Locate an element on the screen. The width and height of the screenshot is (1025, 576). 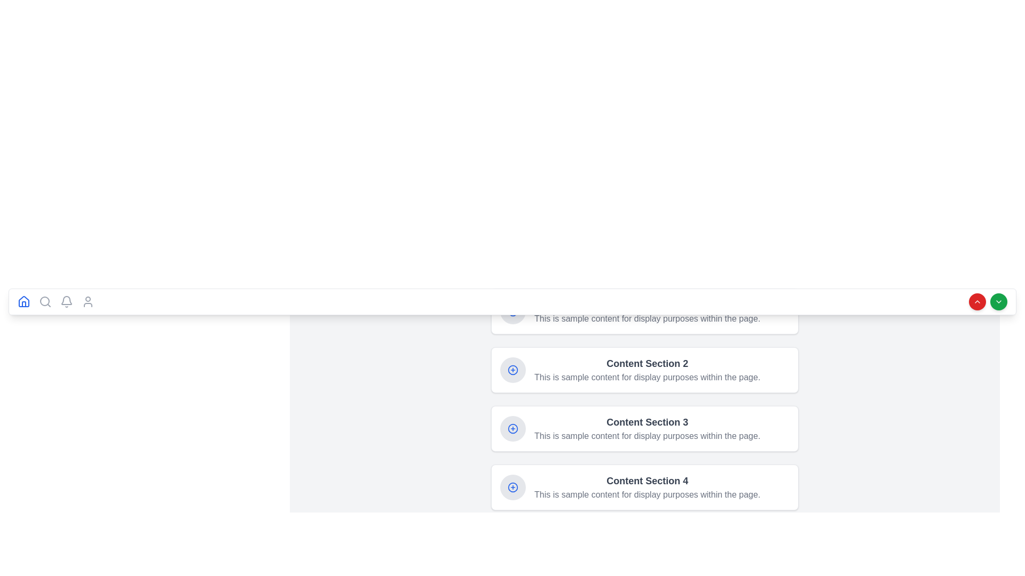
the bell-shaped icon for new notifications indication, which is styled gray and turns blue when hovered over, located in the navigation bar as the third item from the left is located at coordinates (66, 302).